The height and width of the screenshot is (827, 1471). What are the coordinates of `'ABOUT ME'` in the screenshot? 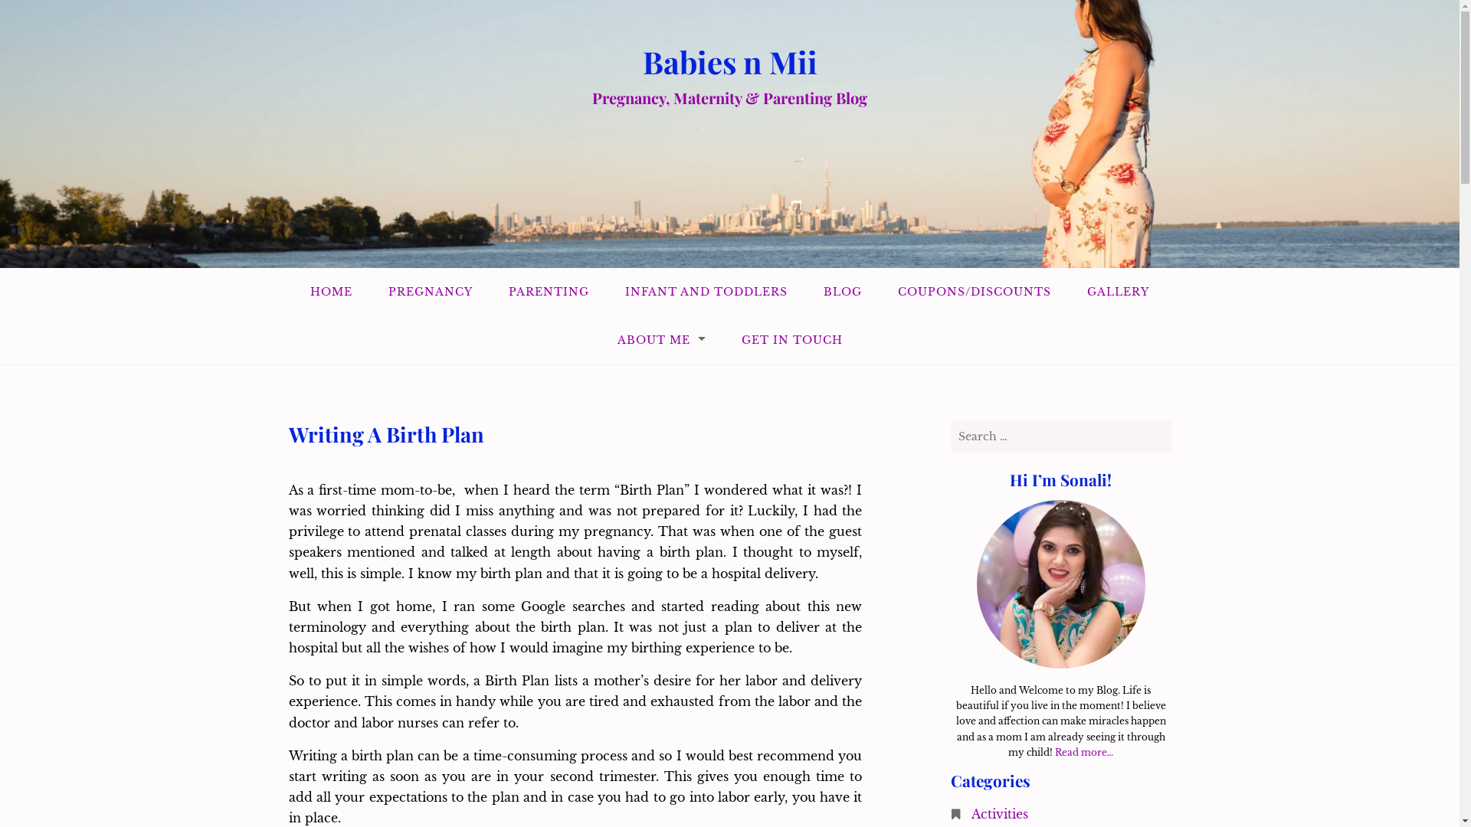 It's located at (660, 339).